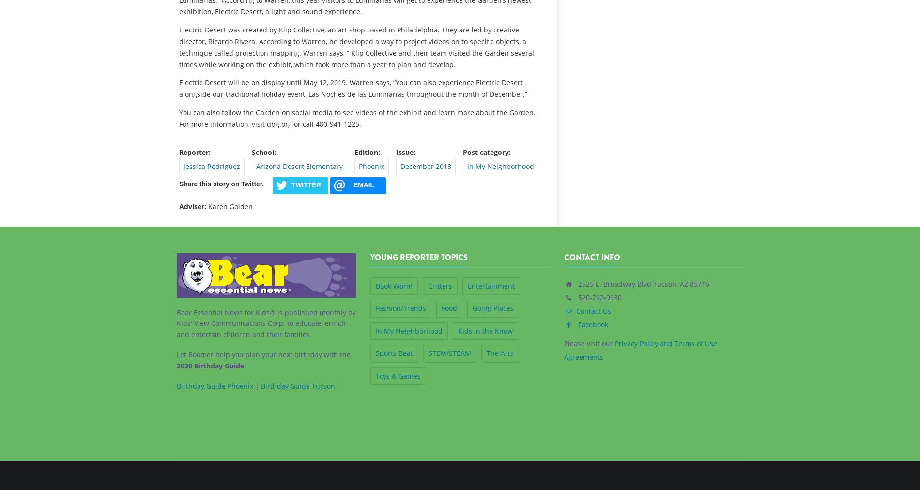 This screenshot has width=920, height=490. Describe the element at coordinates (448, 353) in the screenshot. I see `'STEM/STEAM'` at that location.